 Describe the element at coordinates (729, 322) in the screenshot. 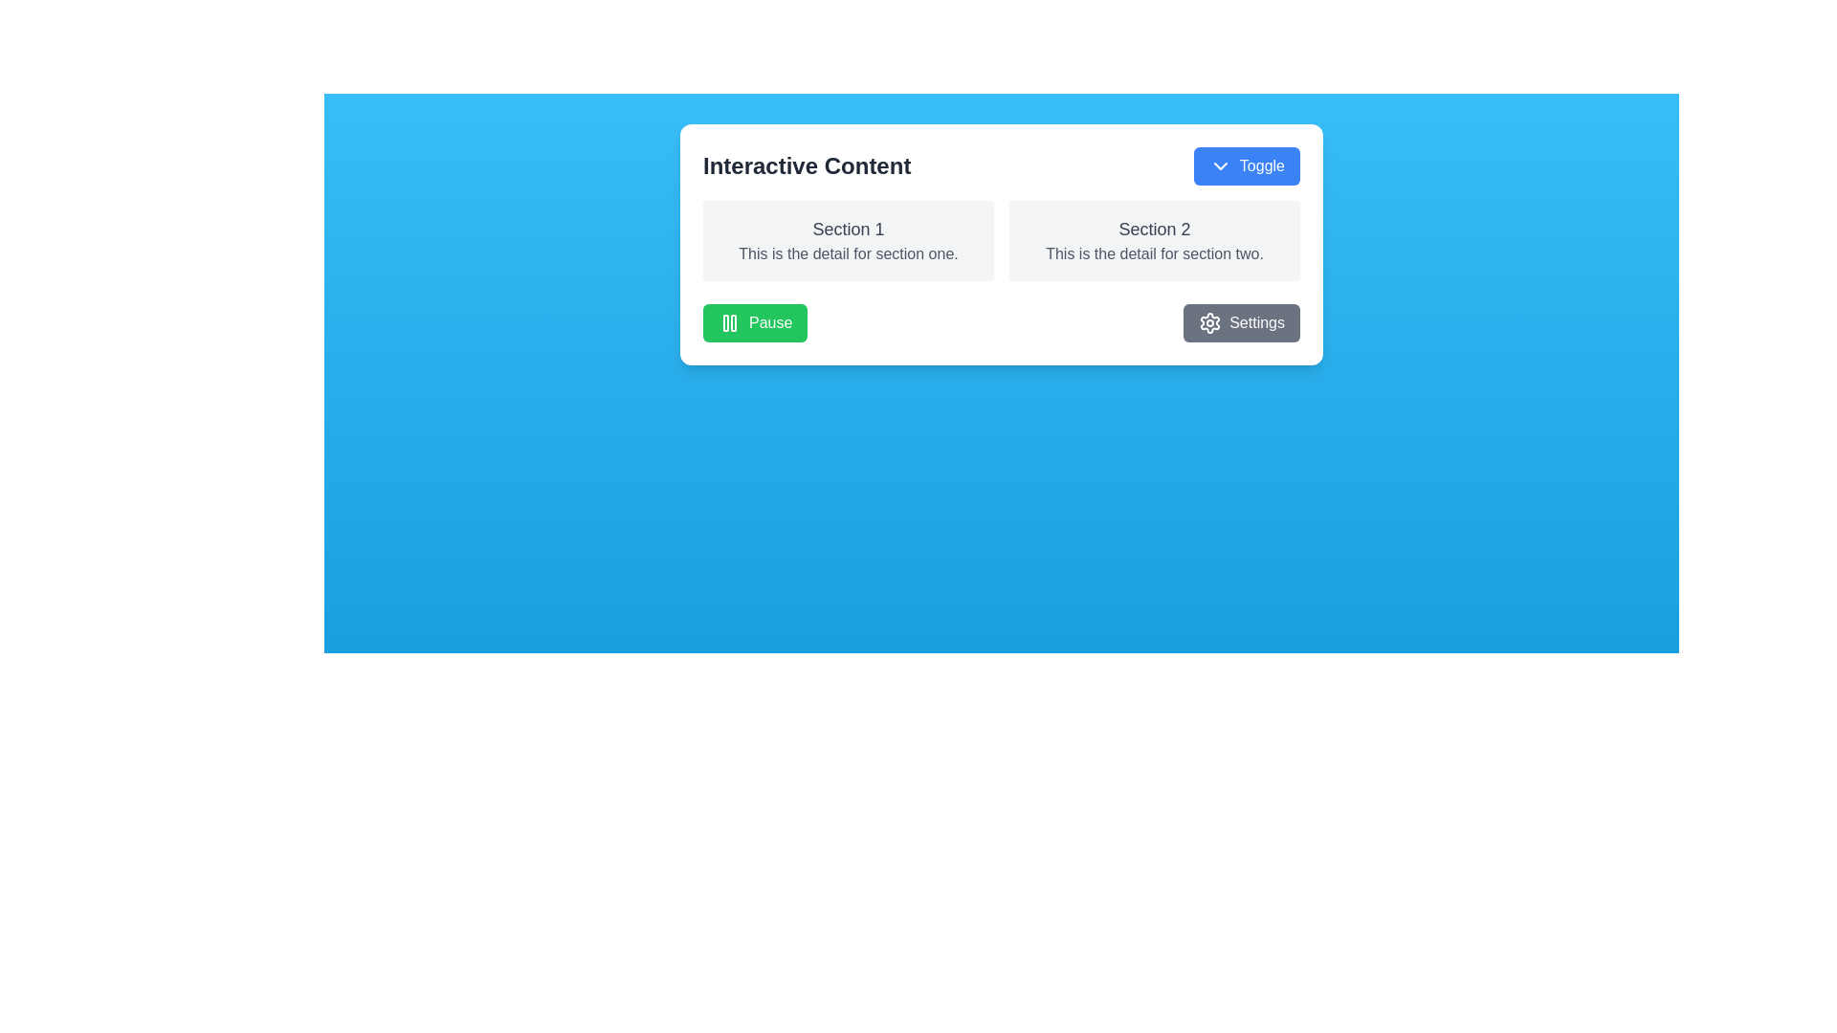

I see `the green button containing the 'Pause' icon, which is located at the bottom left of the white interactive card` at that location.